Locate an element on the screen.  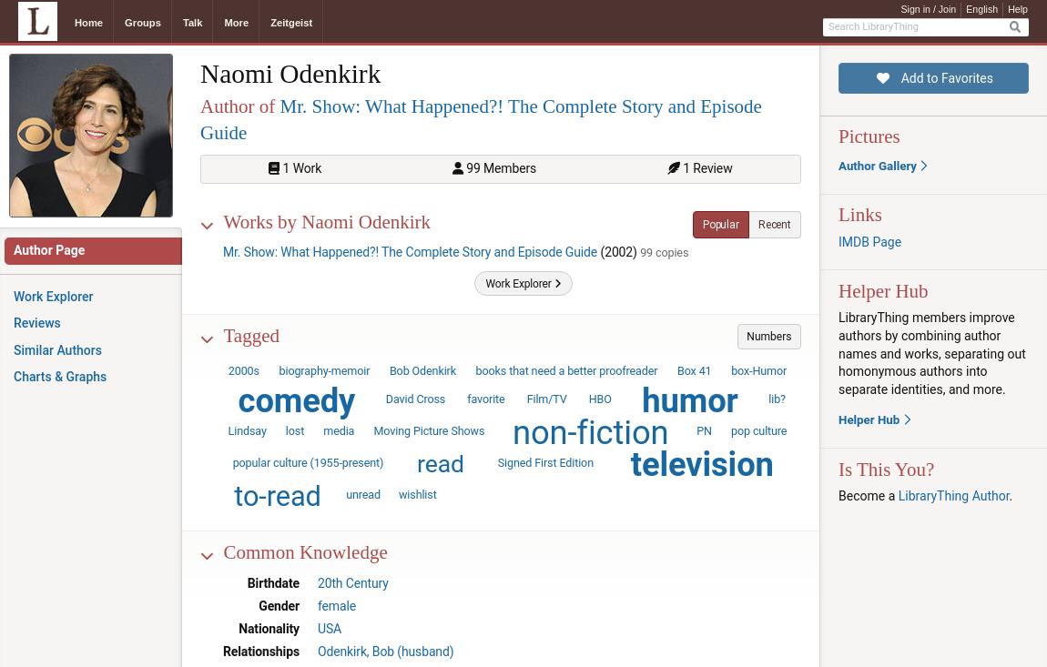
'Recent' is located at coordinates (773, 223).